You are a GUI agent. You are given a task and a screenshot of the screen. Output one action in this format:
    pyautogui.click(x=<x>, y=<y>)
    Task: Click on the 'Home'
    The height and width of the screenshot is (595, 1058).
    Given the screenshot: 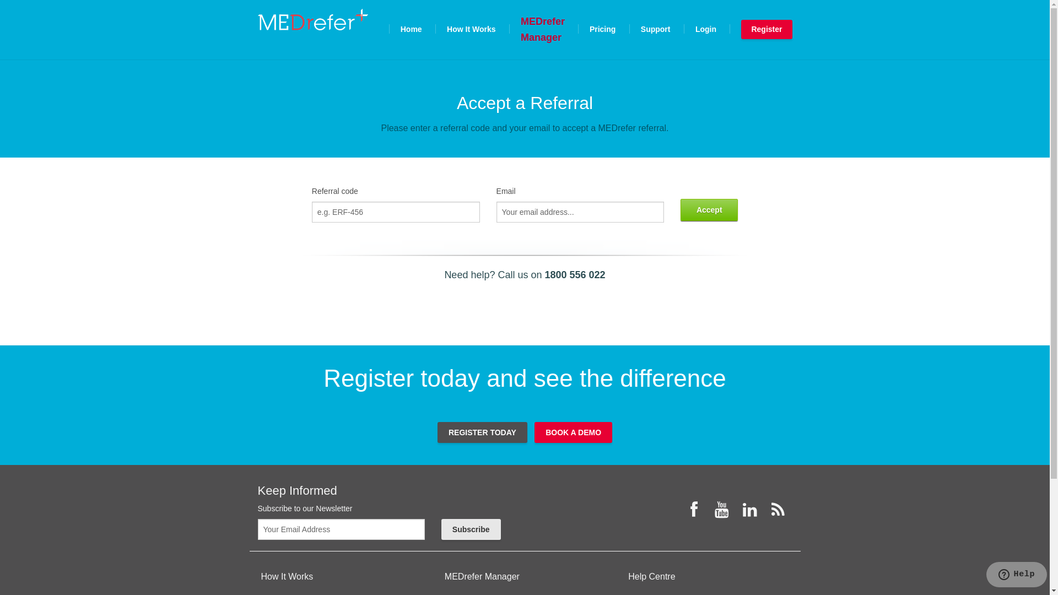 What is the action you would take?
    pyautogui.click(x=411, y=28)
    